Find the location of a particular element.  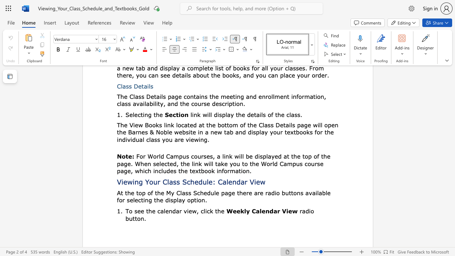

the subset text "s Schedule:" within the text "Viewing Your Class Schedule: Calendar View" is located at coordinates (176, 181).